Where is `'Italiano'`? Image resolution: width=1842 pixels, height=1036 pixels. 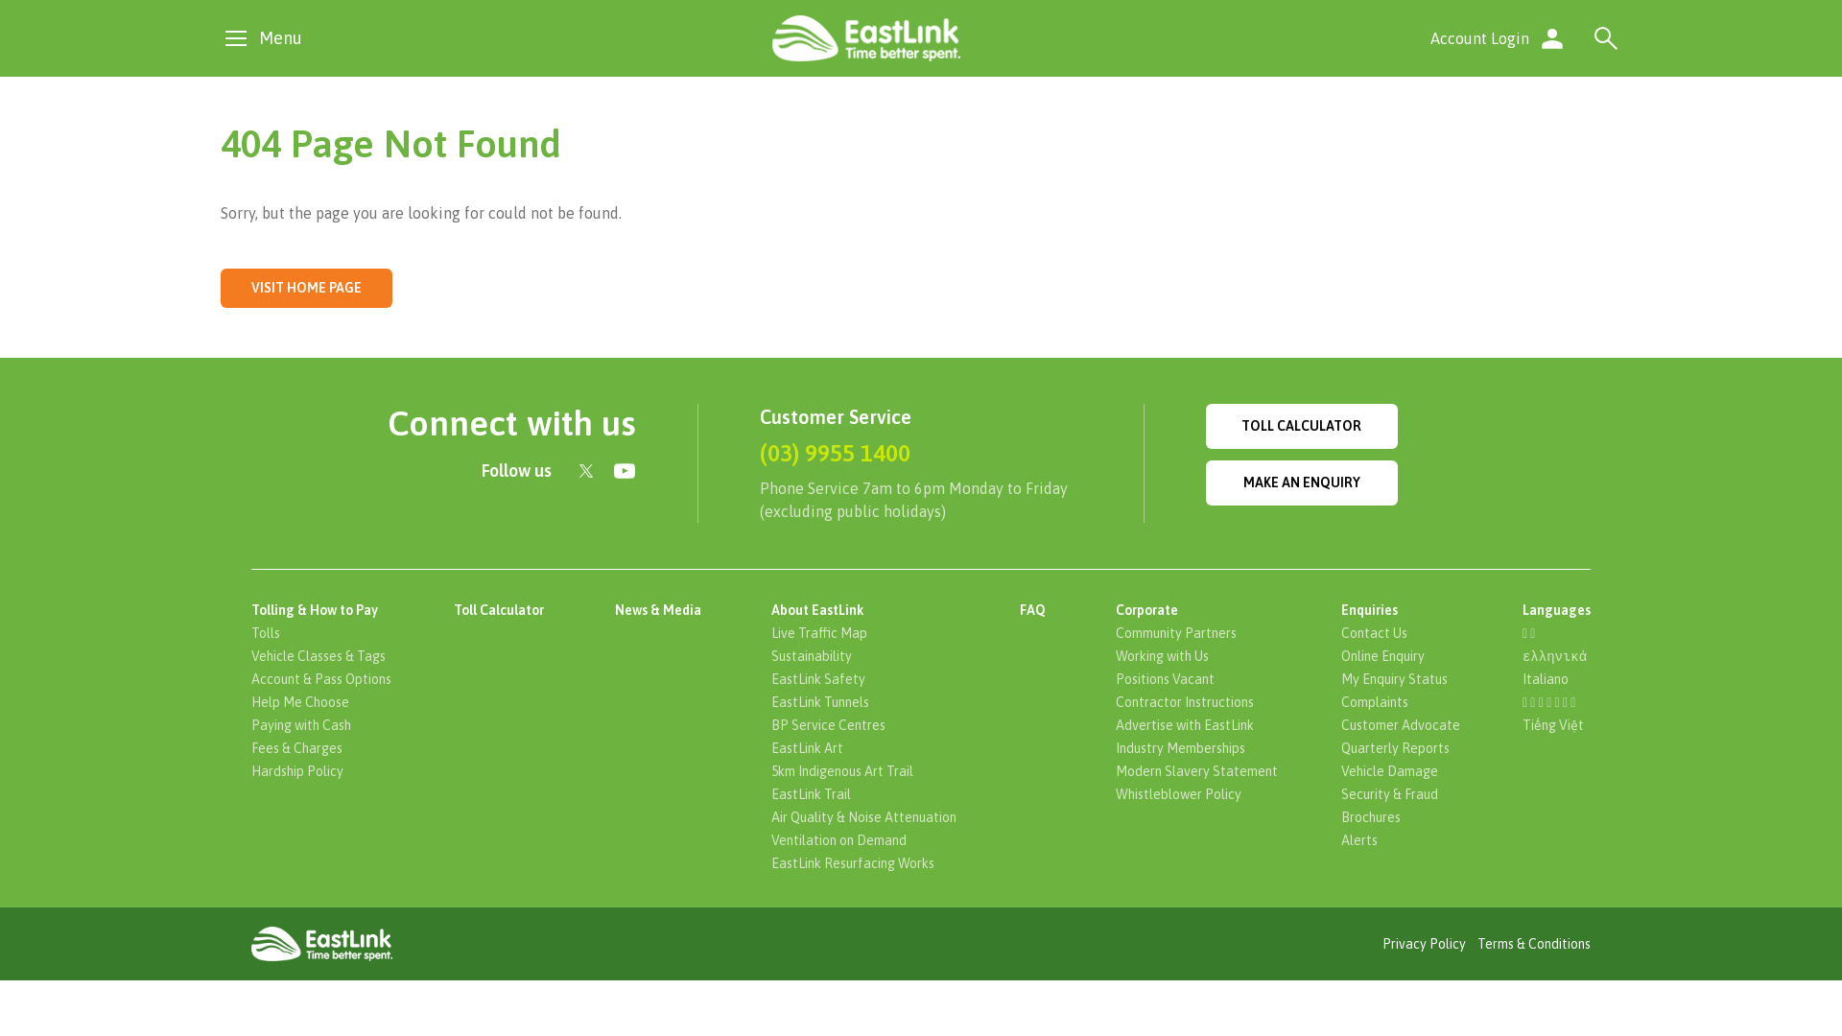
'Italiano' is located at coordinates (1546, 678).